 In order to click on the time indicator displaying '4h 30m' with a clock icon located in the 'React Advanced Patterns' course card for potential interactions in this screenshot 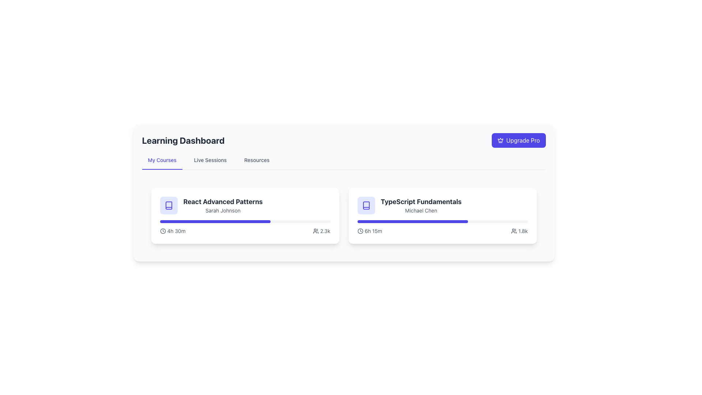, I will do `click(172, 231)`.